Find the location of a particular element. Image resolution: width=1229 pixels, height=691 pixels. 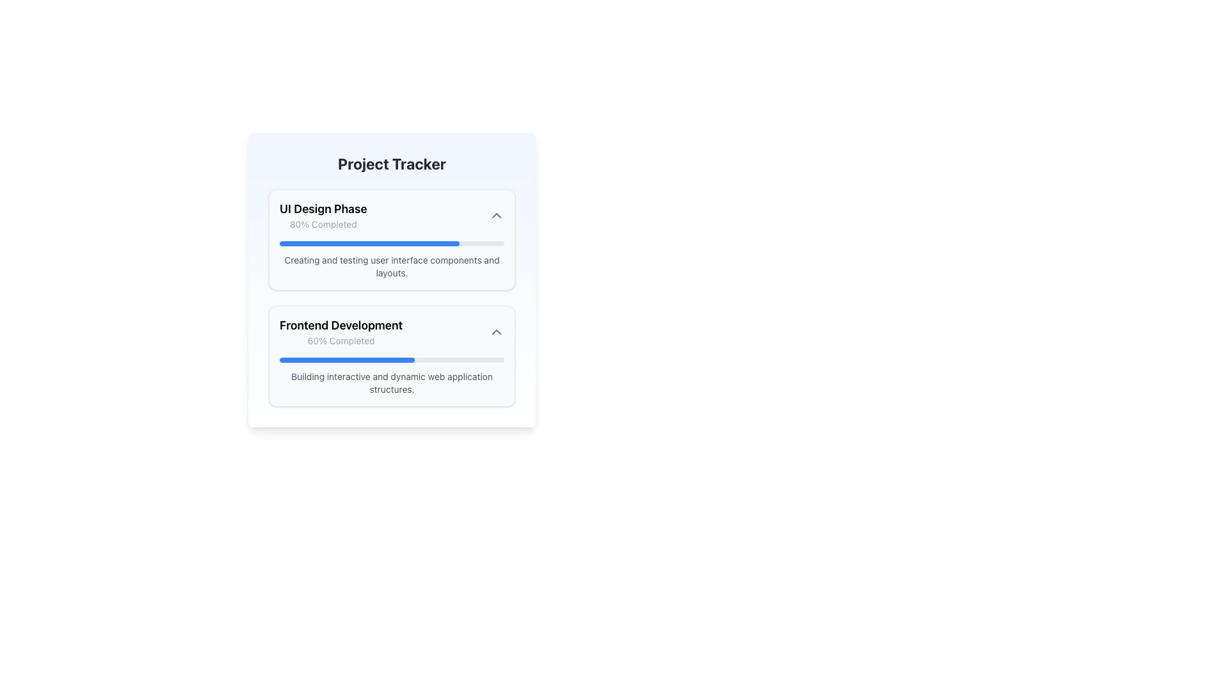

the Panel containing progress indicators is located at coordinates (391, 298).